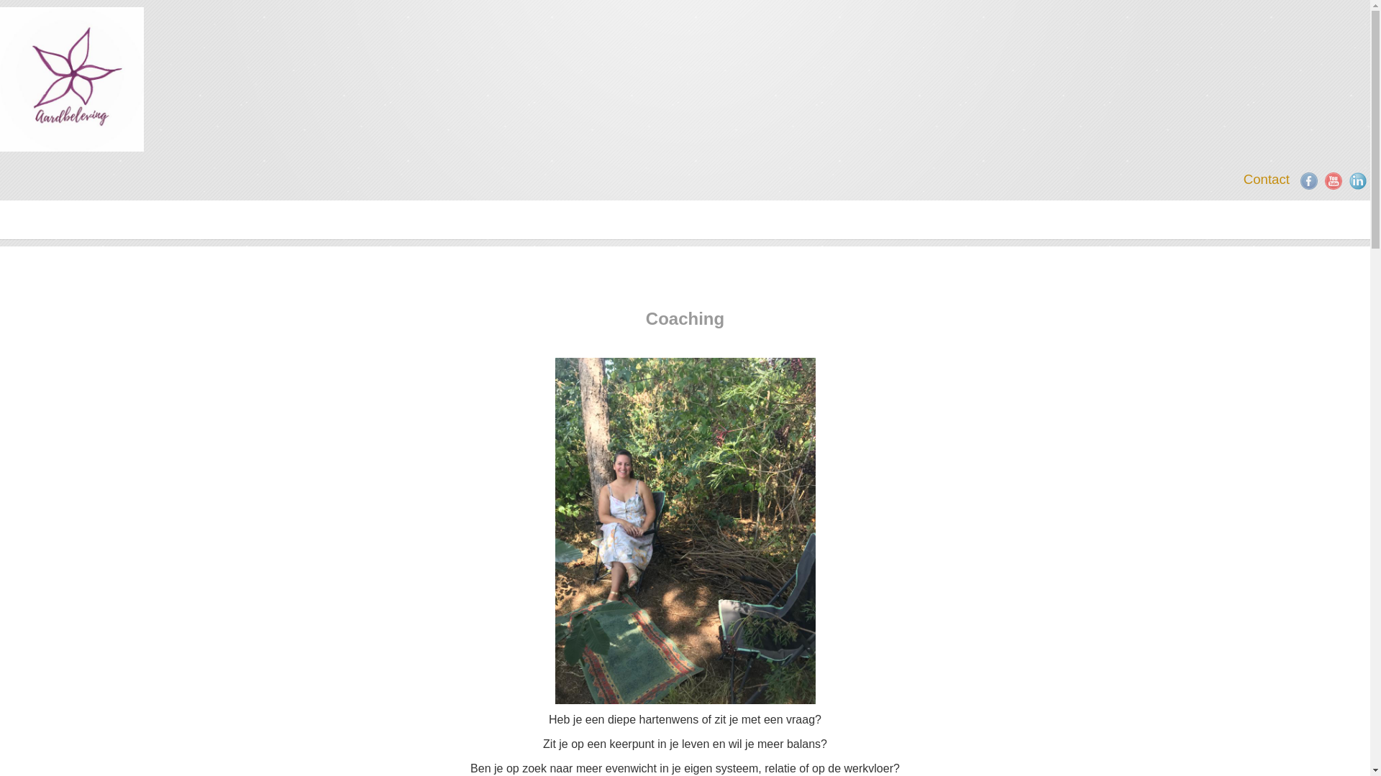 This screenshot has height=776, width=1381. Describe the element at coordinates (1308, 180) in the screenshot. I see `'Facebook'` at that location.